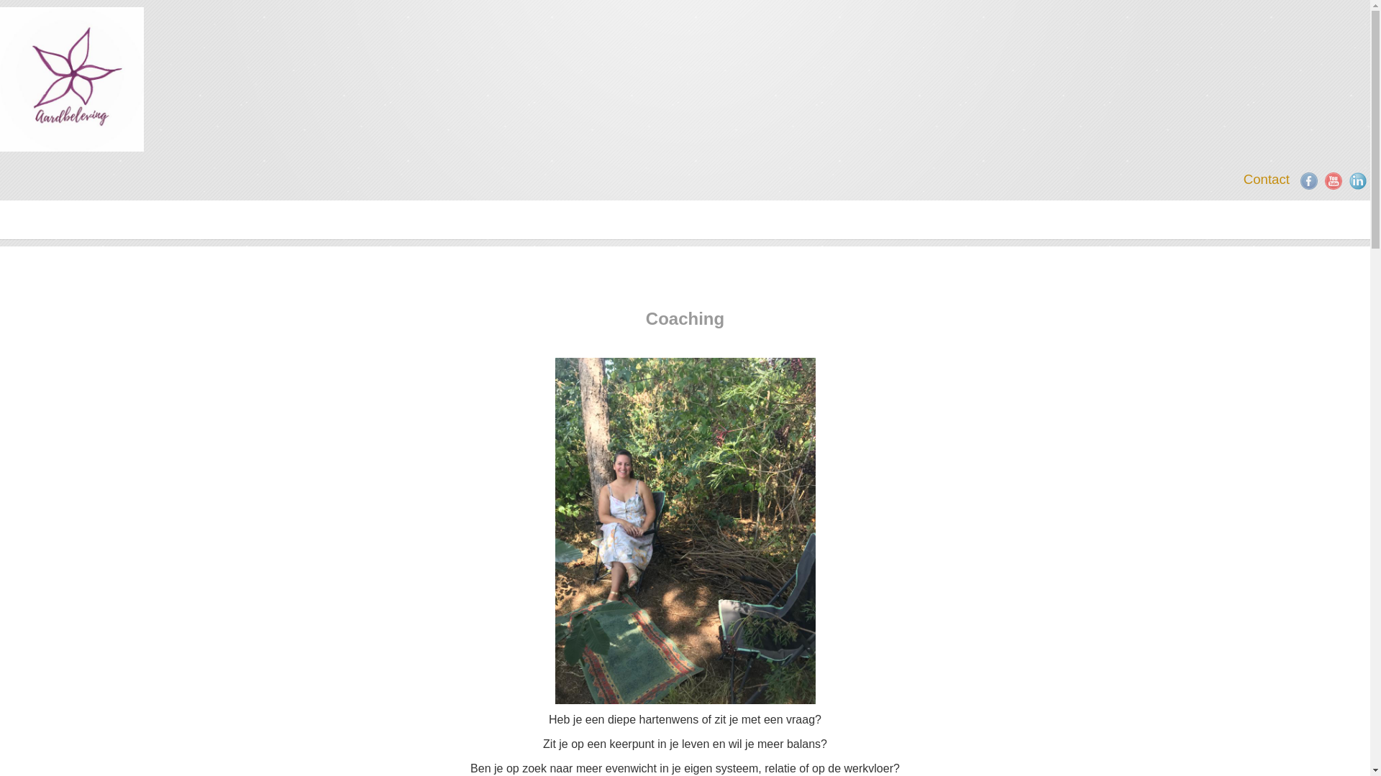 This screenshot has height=776, width=1381. Describe the element at coordinates (1308, 180) in the screenshot. I see `'Facebook'` at that location.